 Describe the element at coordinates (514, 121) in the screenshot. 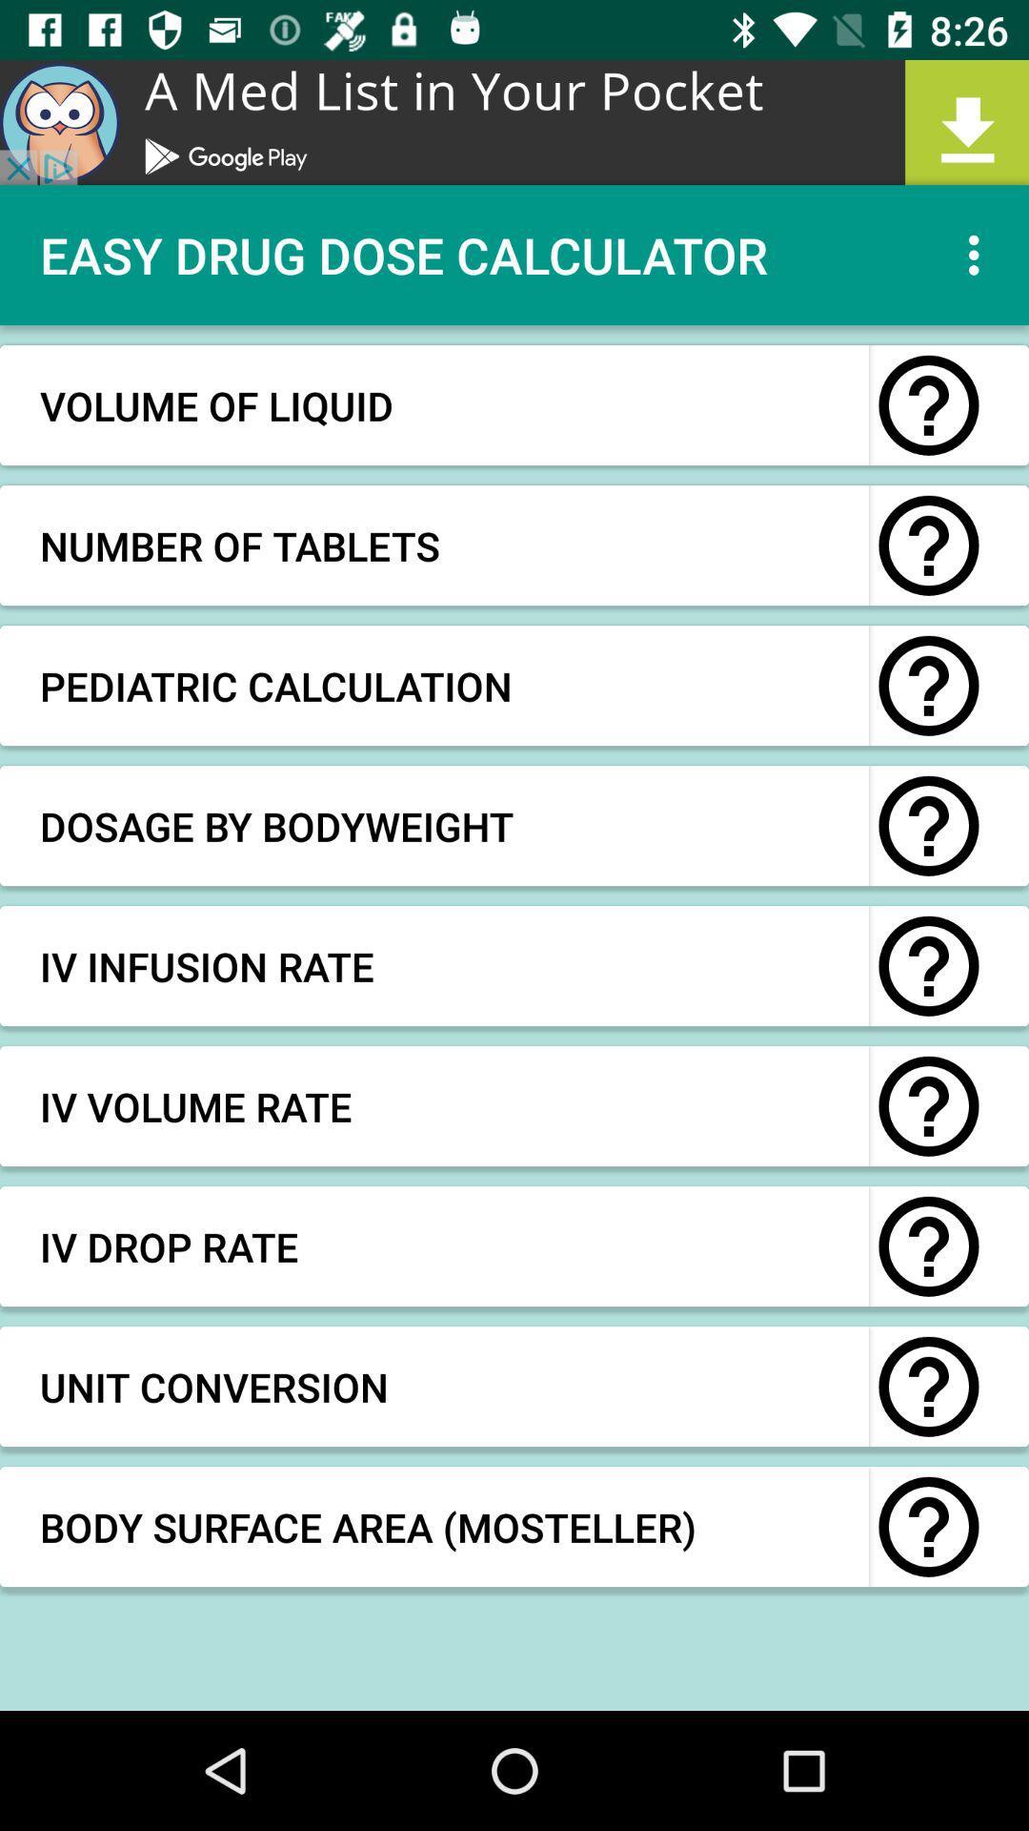

I see `download option` at that location.